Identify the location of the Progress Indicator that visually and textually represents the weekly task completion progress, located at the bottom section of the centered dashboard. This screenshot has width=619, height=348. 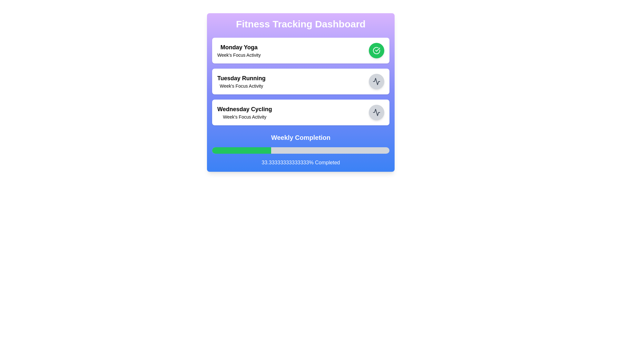
(300, 150).